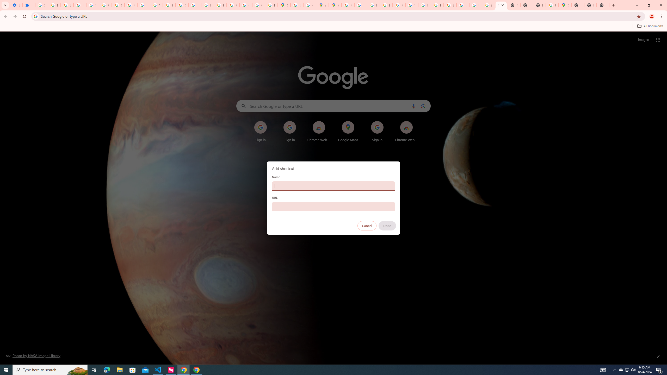  Describe the element at coordinates (169, 5) in the screenshot. I see `'https://scholar.google.com/'` at that location.